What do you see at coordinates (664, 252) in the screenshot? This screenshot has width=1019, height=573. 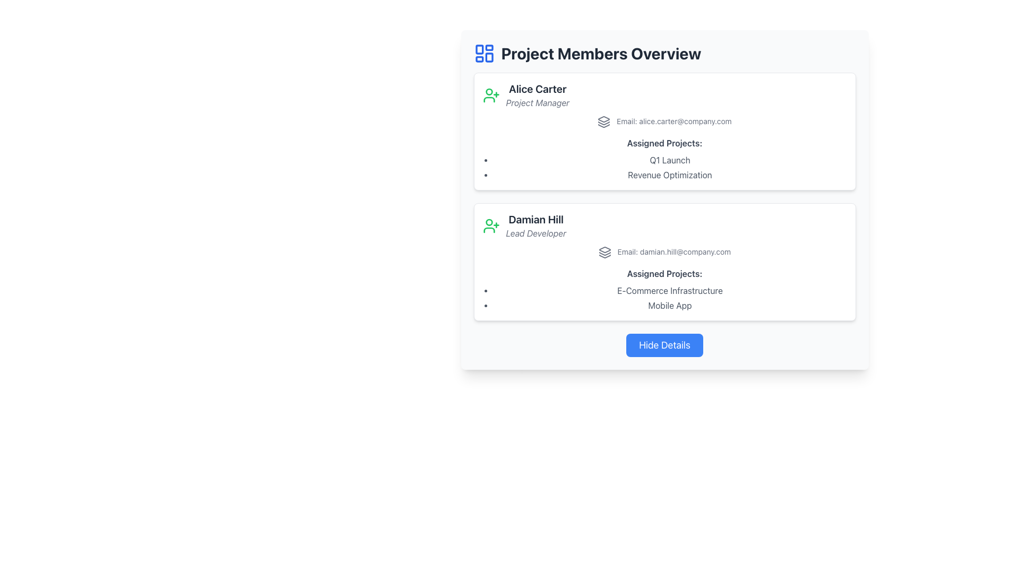 I see `displayed email address from the Text Display with Icon located in the 'Damian Hill' section, positioned below the title and role information` at bounding box center [664, 252].